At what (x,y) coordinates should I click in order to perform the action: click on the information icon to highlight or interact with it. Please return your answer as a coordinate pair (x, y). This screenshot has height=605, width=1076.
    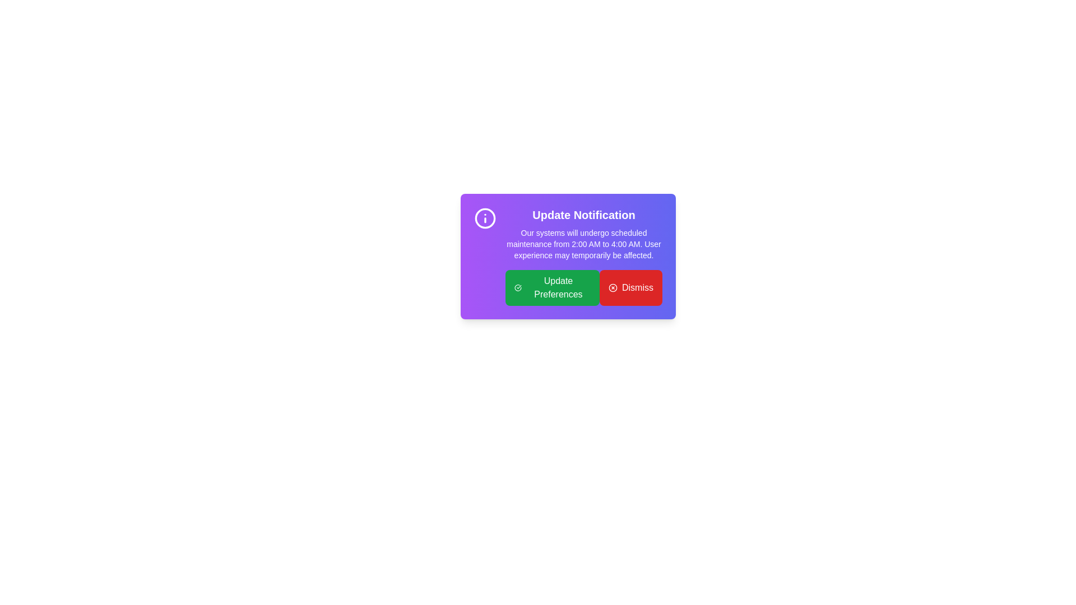
    Looking at the image, I should click on (485, 218).